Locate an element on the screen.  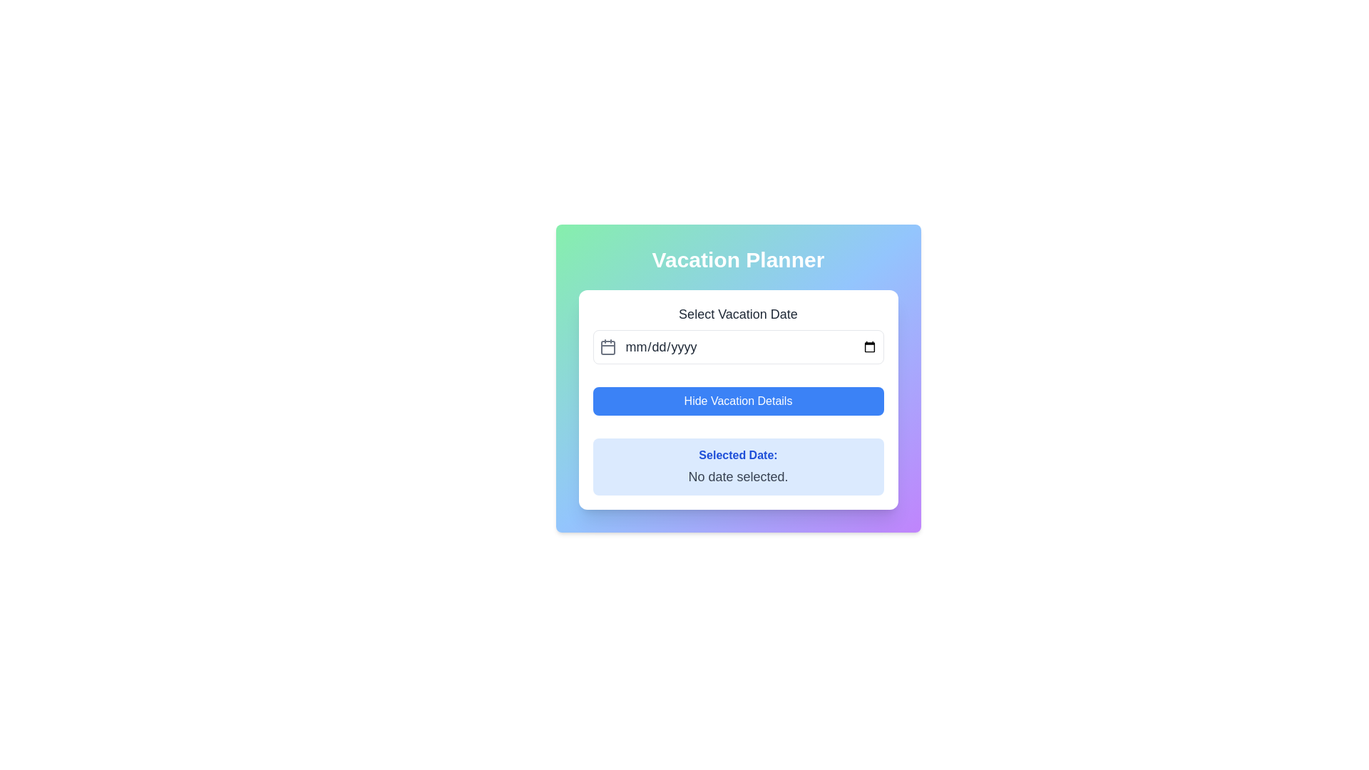
the text label displaying 'Selected Date:' which is styled in a bold blue font and located in a light blue background area, positioned beneath the 'Hide Vacation Details' button is located at coordinates (738, 456).